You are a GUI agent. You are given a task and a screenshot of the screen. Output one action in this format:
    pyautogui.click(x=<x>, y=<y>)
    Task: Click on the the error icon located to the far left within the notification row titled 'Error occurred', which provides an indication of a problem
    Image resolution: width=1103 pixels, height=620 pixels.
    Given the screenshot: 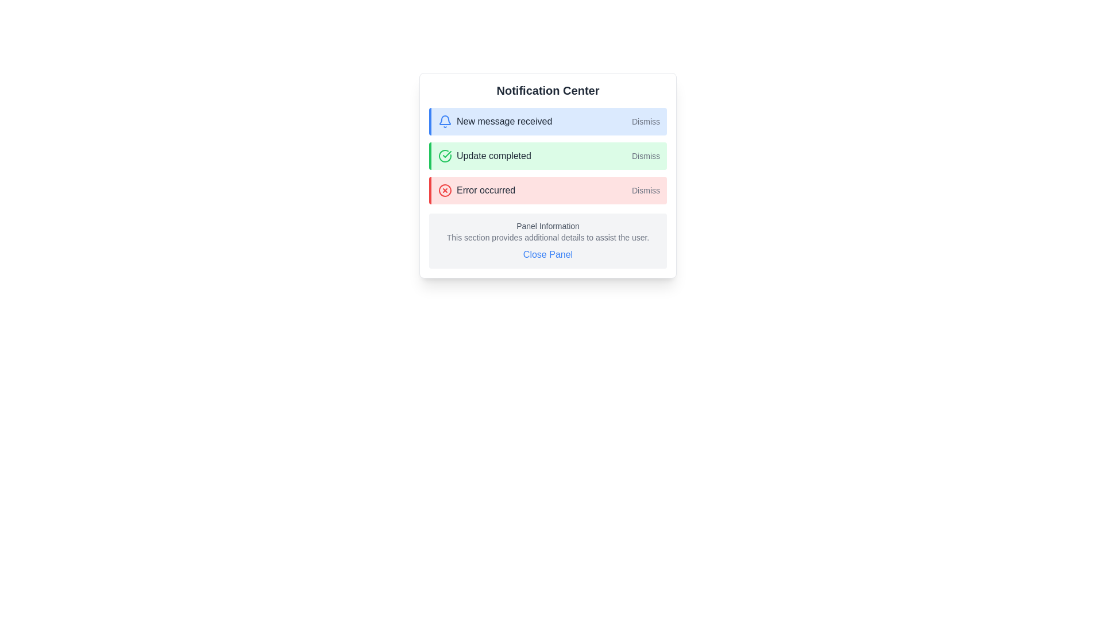 What is the action you would take?
    pyautogui.click(x=444, y=189)
    